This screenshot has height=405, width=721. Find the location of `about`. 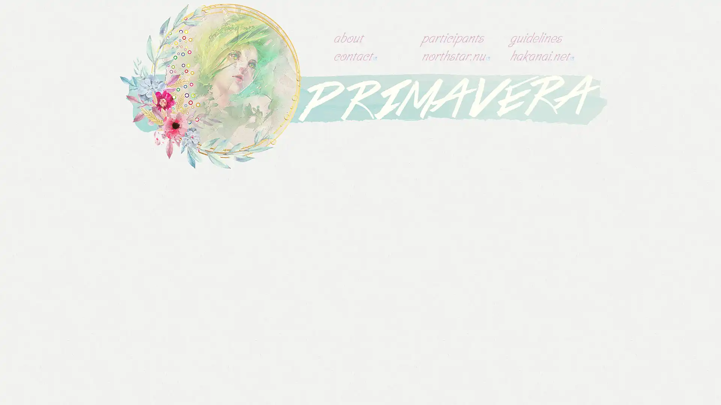

about is located at coordinates (347, 37).